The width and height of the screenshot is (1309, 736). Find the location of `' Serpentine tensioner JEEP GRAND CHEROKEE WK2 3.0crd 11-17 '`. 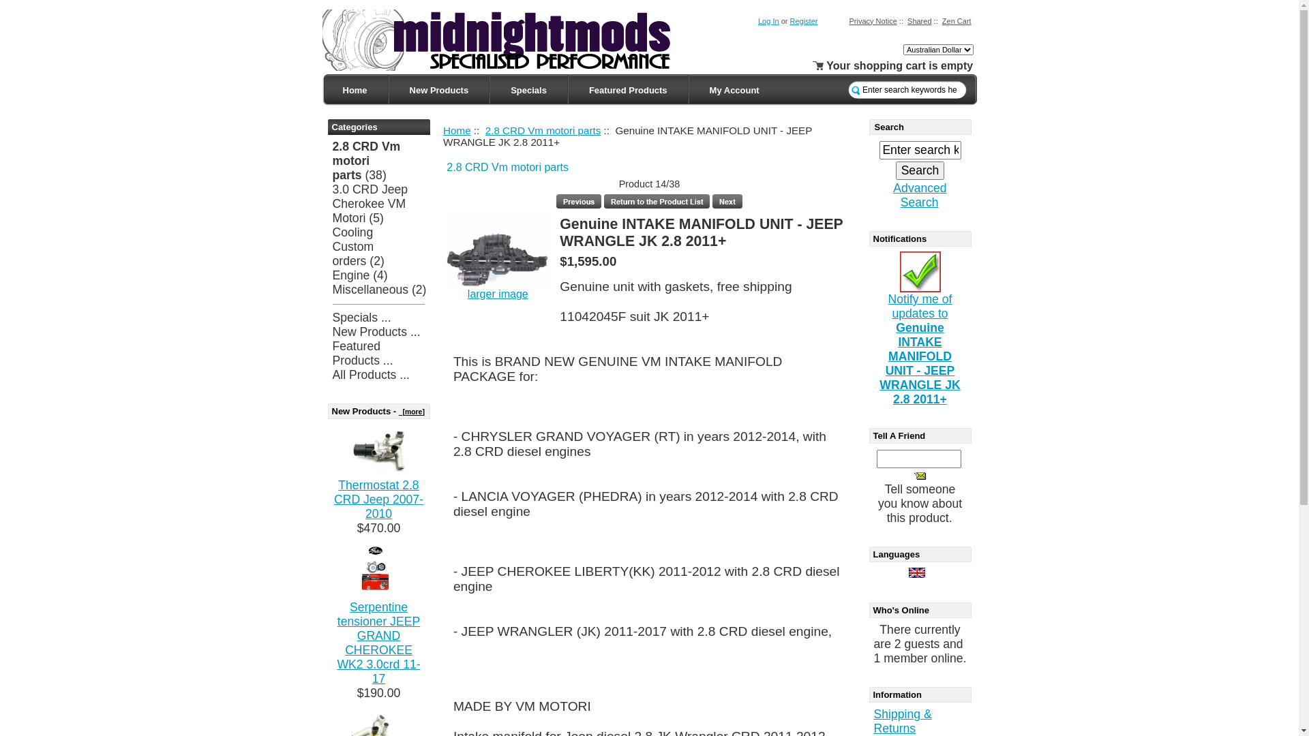

' Serpentine tensioner JEEP GRAND CHEROKEE WK2 3.0crd 11-17 ' is located at coordinates (352, 572).